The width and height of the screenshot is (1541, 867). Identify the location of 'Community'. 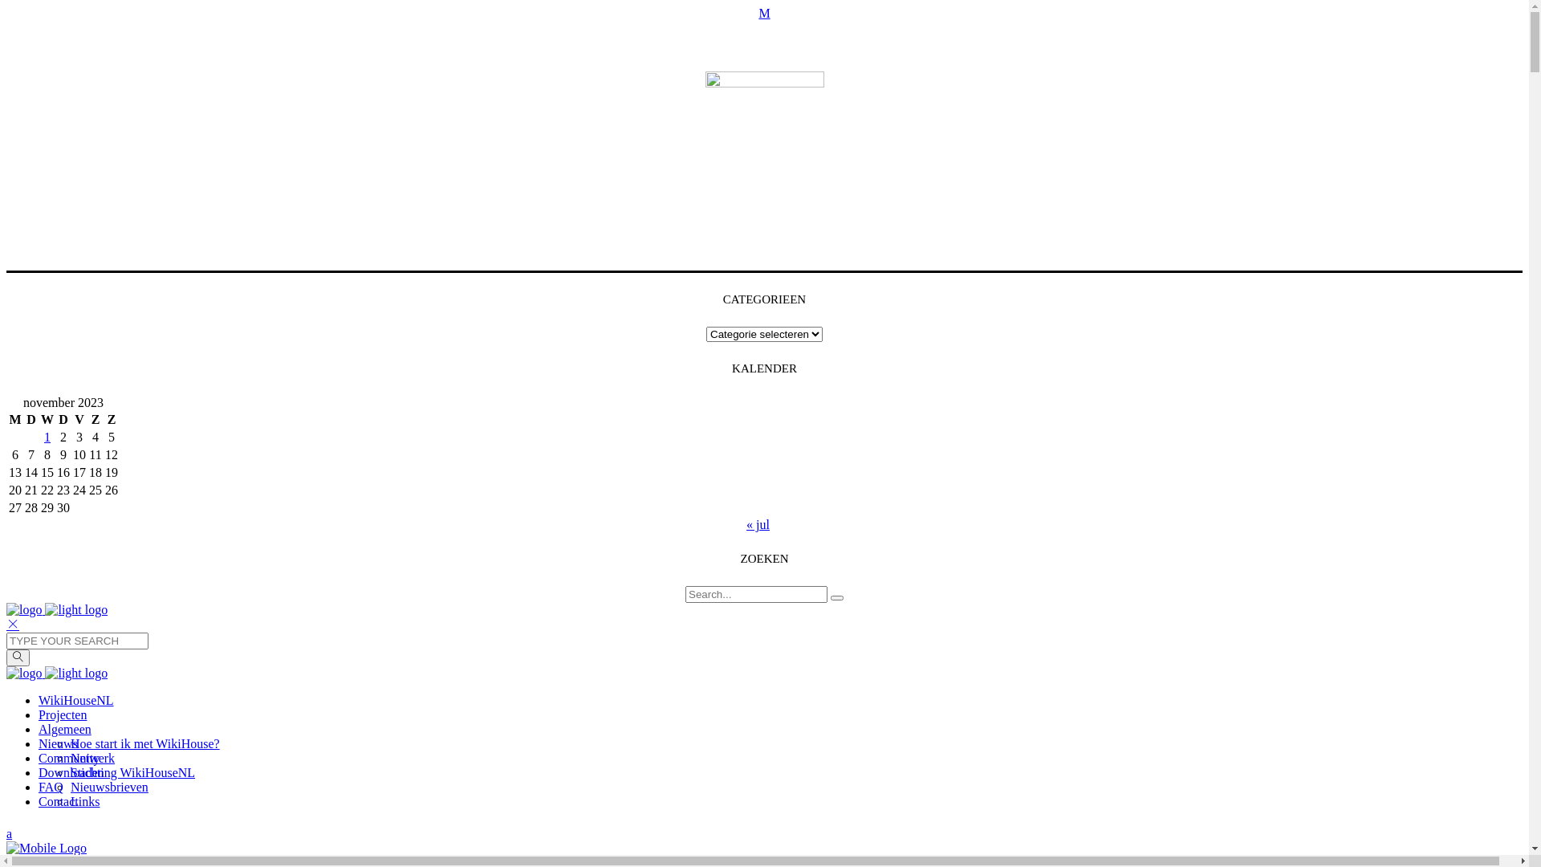
(39, 758).